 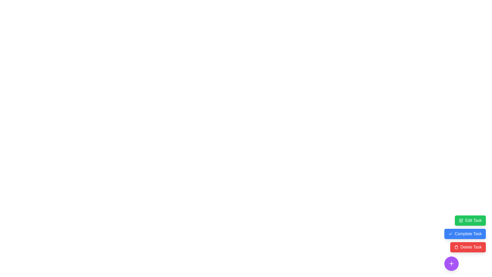 What do you see at coordinates (461, 220) in the screenshot?
I see `the 'Edit Task' button, which contains a small square-shaped icon with a pen design` at bounding box center [461, 220].